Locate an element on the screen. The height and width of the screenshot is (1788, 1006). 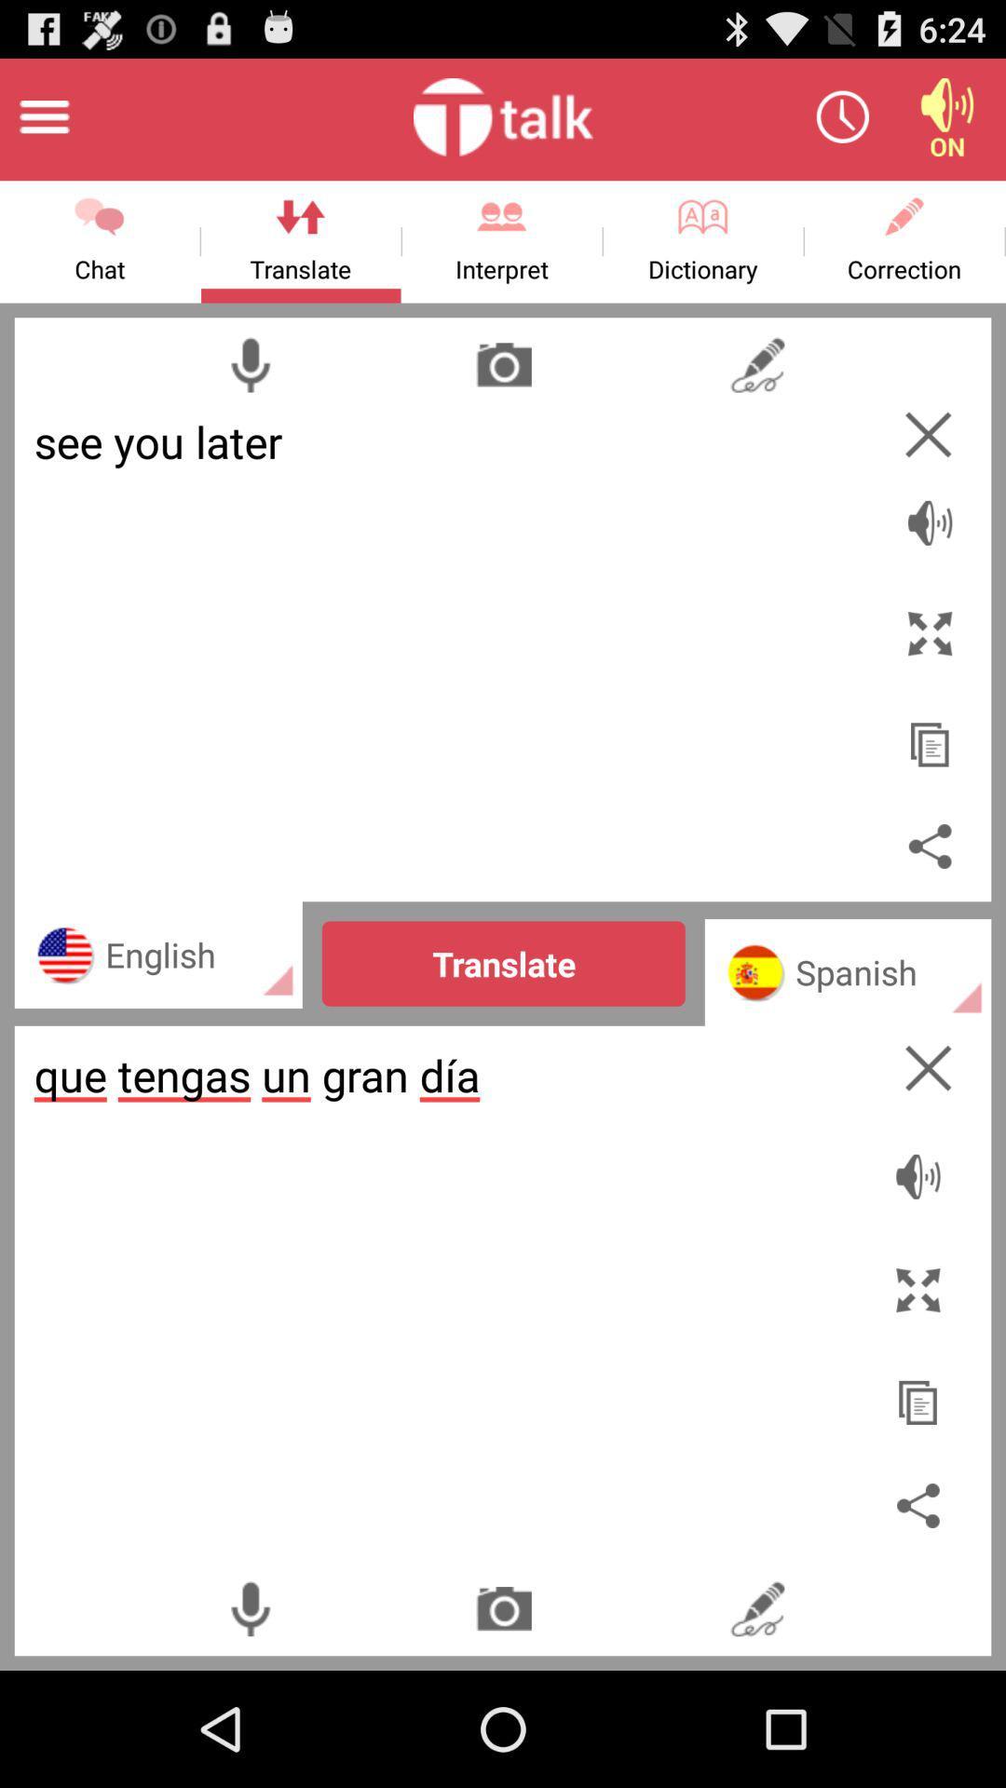
write with pencil is located at coordinates (757, 364).